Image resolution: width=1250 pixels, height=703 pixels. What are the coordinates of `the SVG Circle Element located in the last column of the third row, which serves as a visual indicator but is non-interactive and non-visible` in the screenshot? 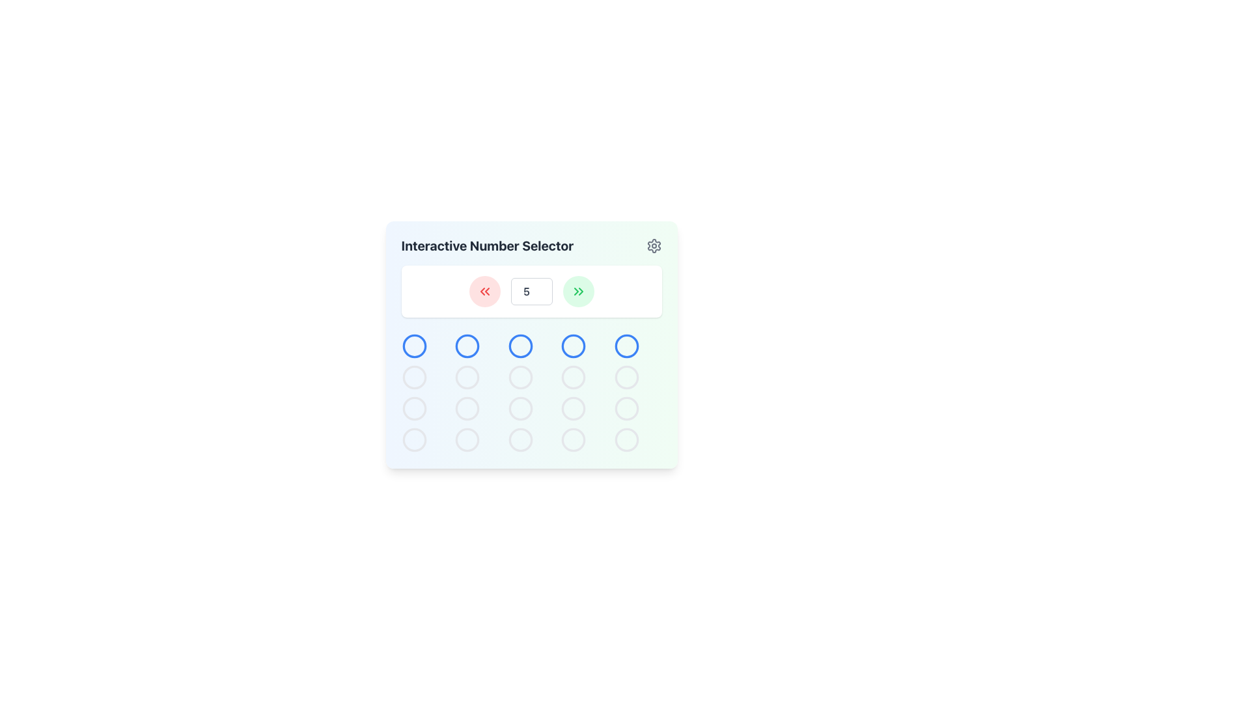 It's located at (626, 346).